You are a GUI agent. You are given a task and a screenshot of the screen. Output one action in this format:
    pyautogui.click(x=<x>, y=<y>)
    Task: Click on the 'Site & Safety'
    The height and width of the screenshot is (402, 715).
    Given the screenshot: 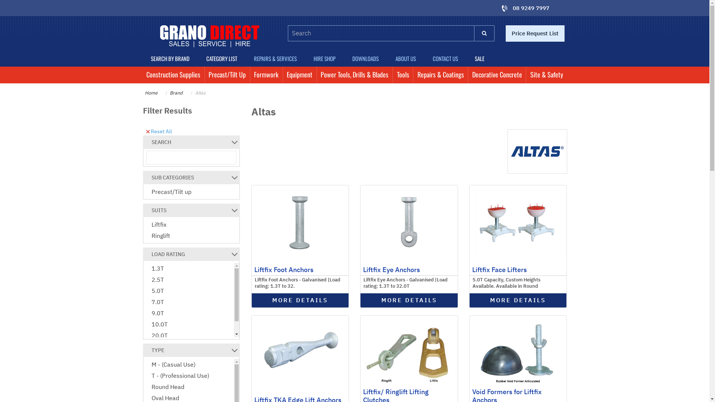 What is the action you would take?
    pyautogui.click(x=546, y=75)
    